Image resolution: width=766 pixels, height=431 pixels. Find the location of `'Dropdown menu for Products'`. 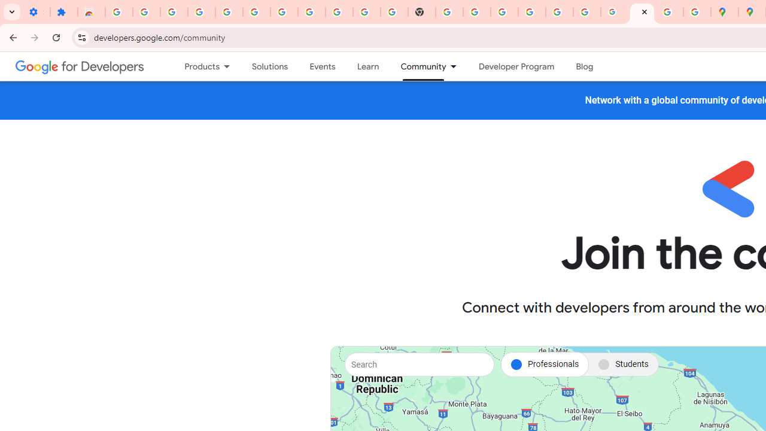

'Dropdown menu for Products' is located at coordinates (230, 66).